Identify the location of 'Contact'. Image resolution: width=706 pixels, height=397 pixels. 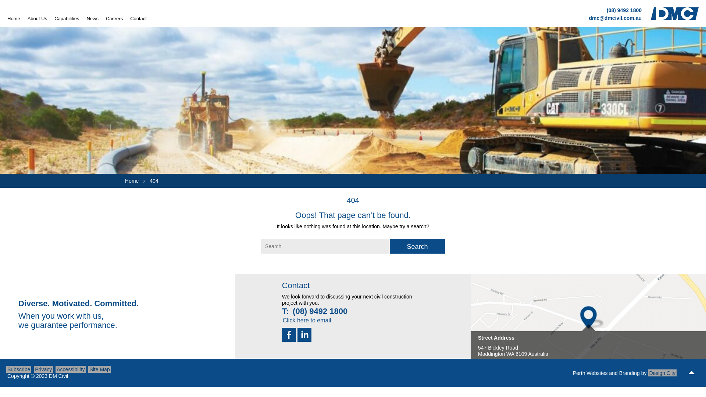
(138, 18).